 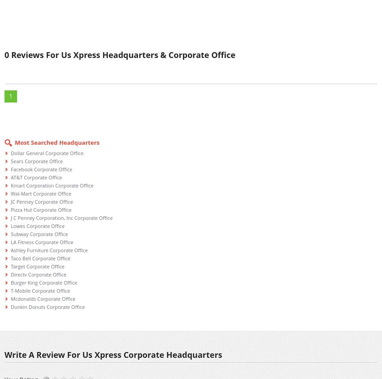 I want to click on 'Lowes Corporate Office', so click(x=37, y=226).